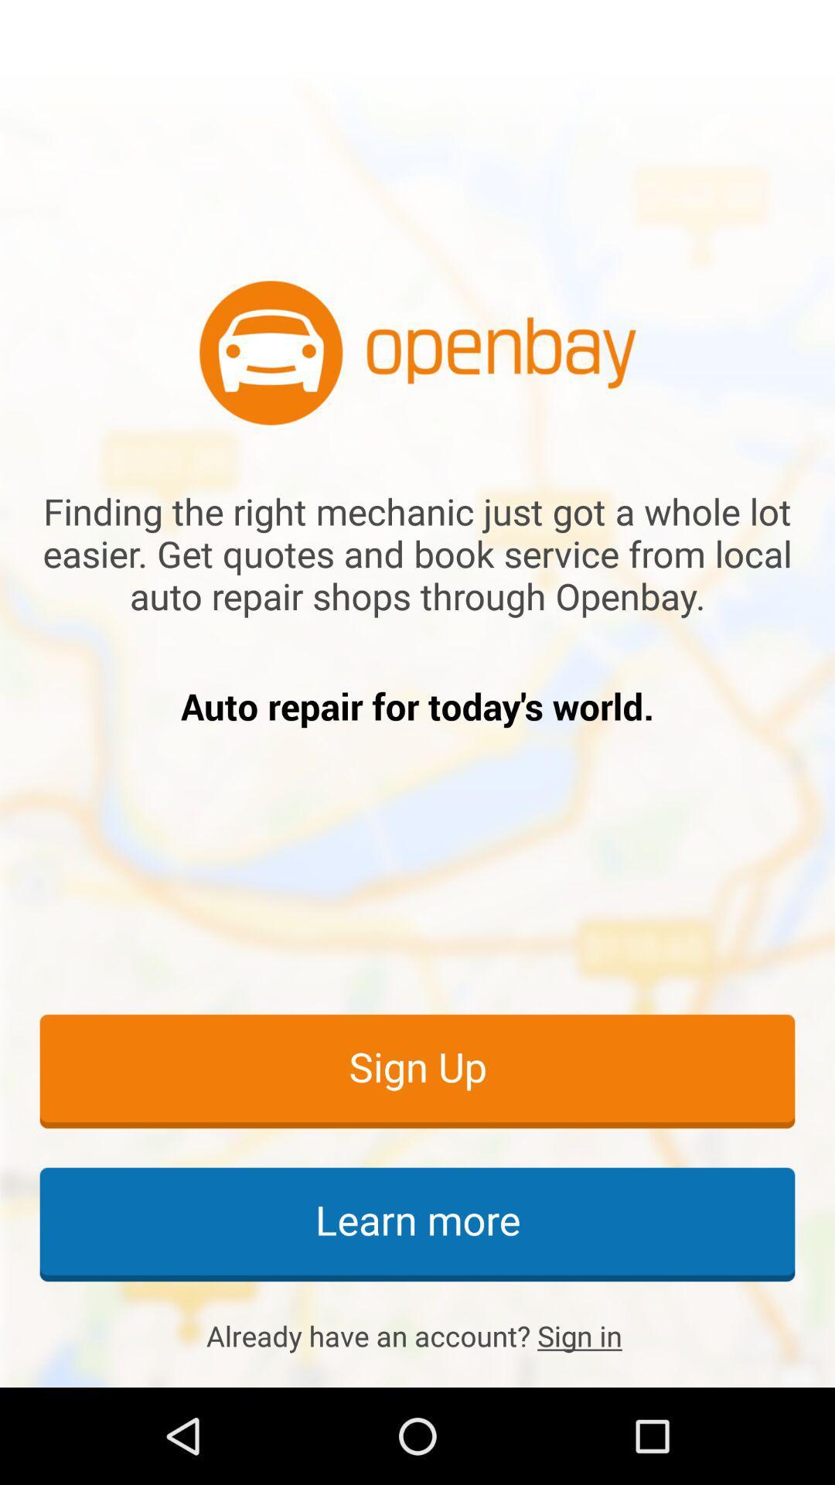 The height and width of the screenshot is (1485, 835). What do you see at coordinates (417, 1335) in the screenshot?
I see `the already have an item` at bounding box center [417, 1335].